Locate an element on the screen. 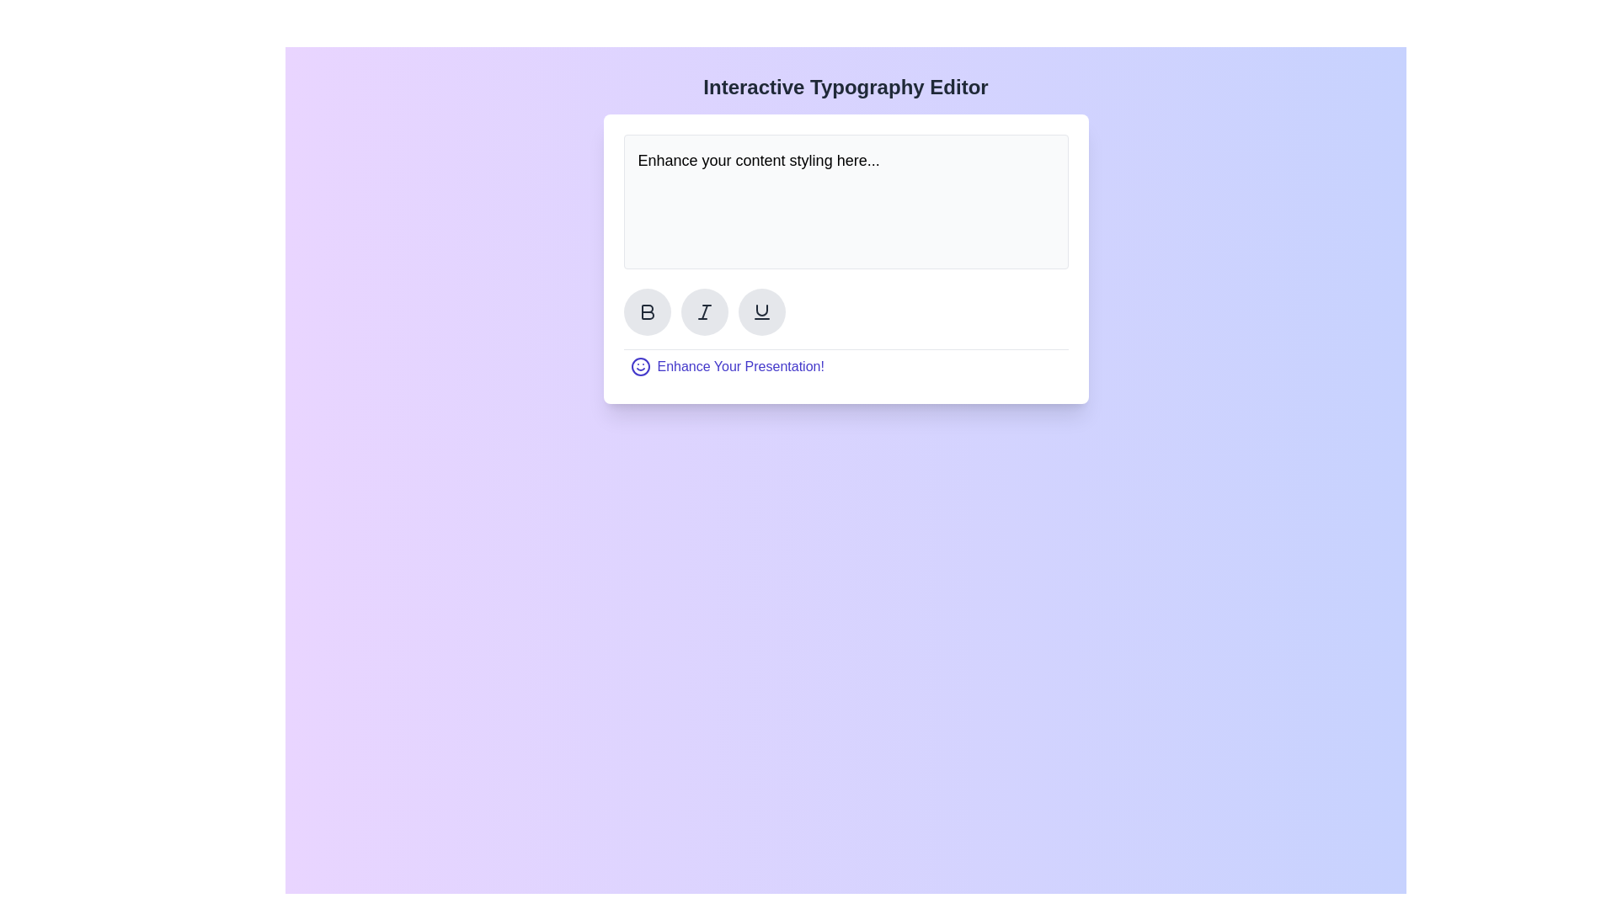 The width and height of the screenshot is (1617, 909). the central line of the 'I' symbol in the text formatting toolbar is located at coordinates (704, 311).